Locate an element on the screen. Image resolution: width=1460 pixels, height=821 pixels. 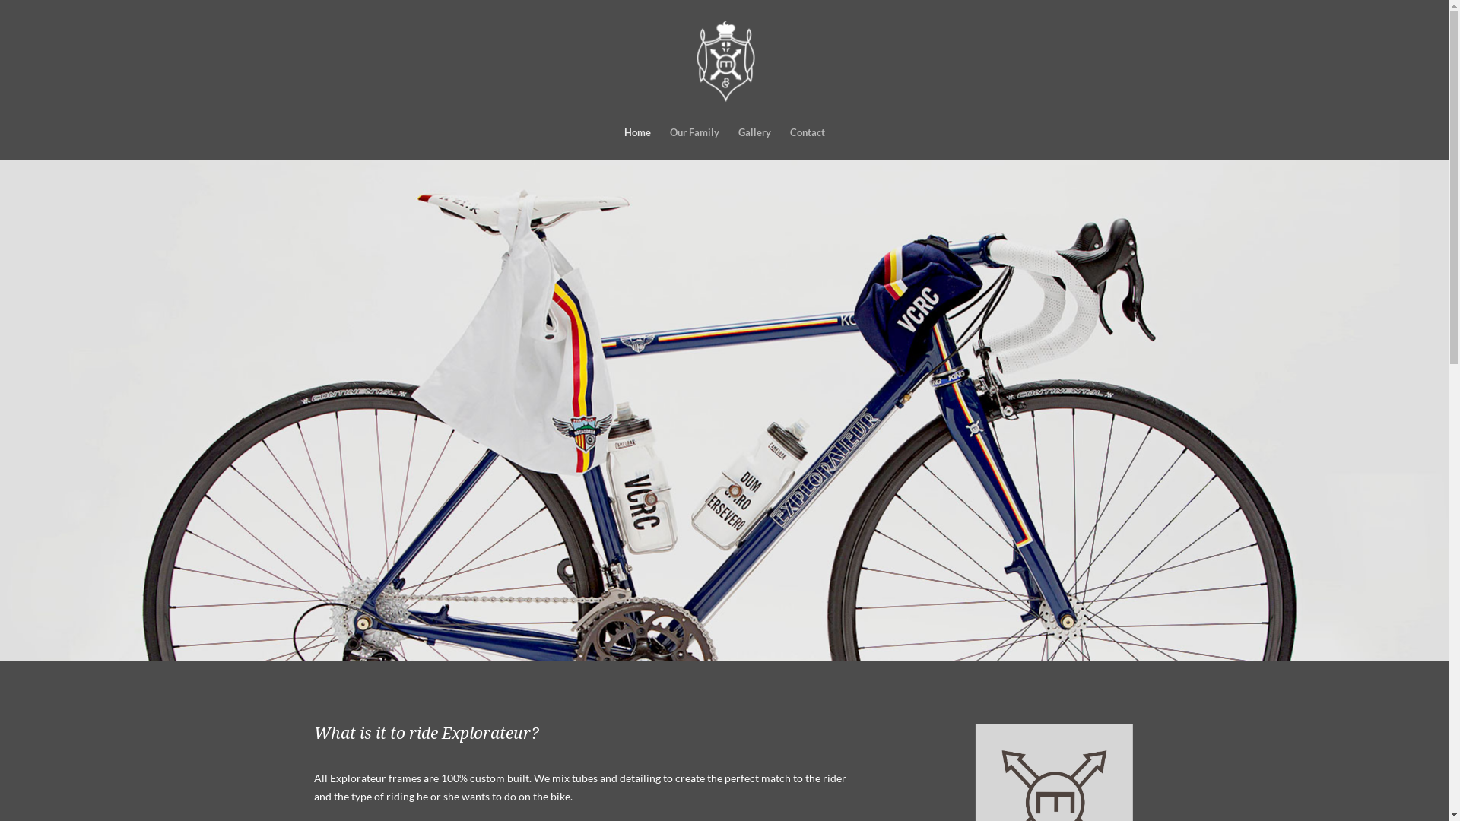
'Our Family' is located at coordinates (693, 143).